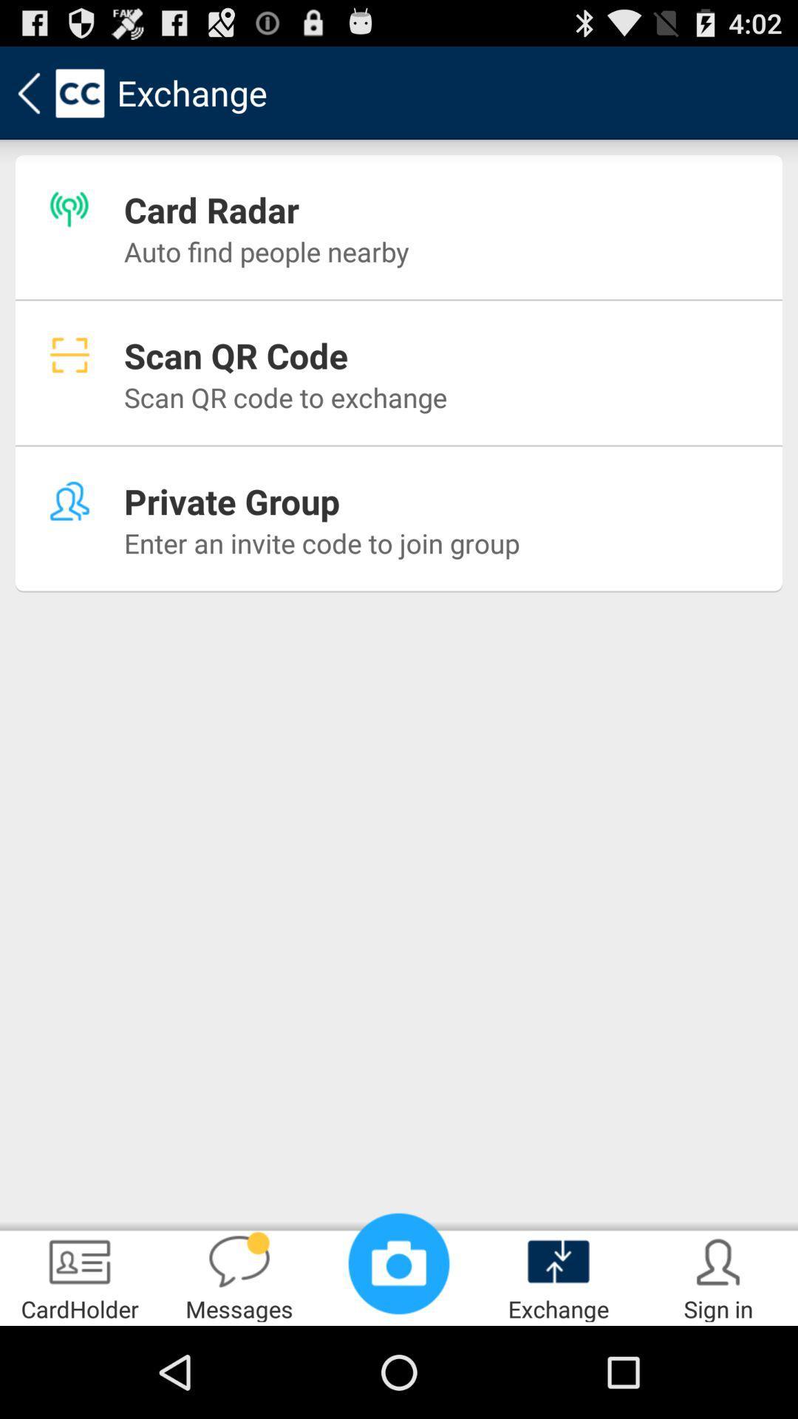 Image resolution: width=798 pixels, height=1419 pixels. What do you see at coordinates (399, 1262) in the screenshot?
I see `item at the bottom` at bounding box center [399, 1262].